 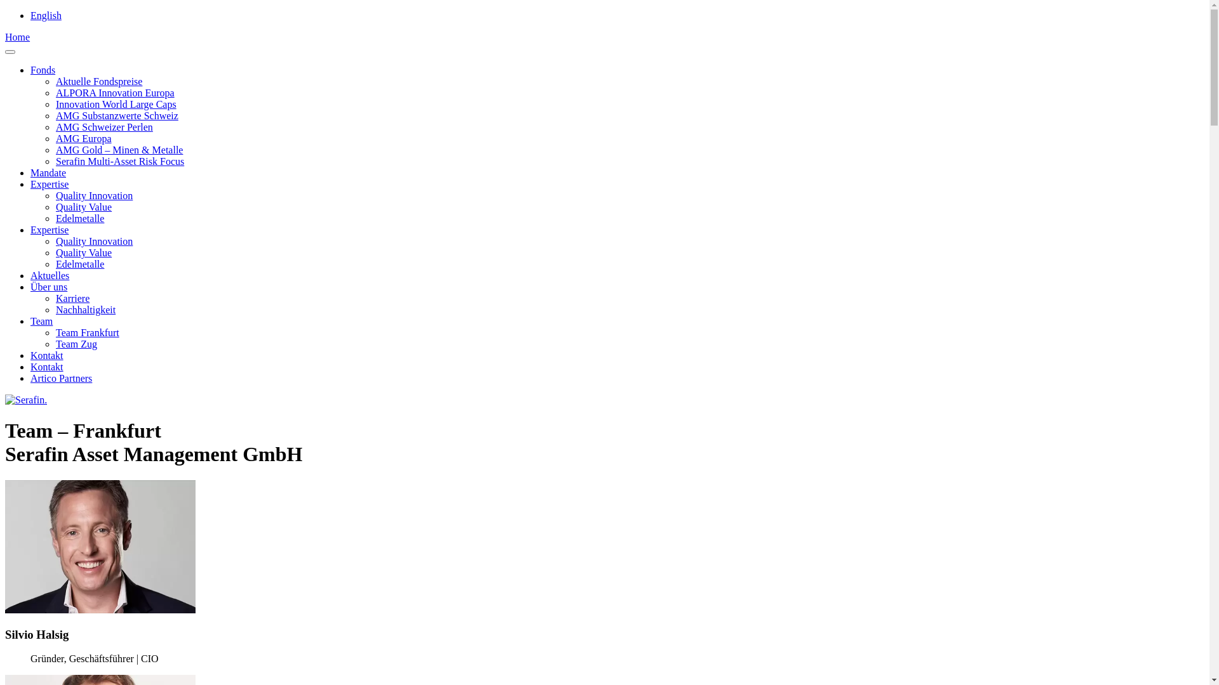 I want to click on 'Mandate', so click(x=48, y=173).